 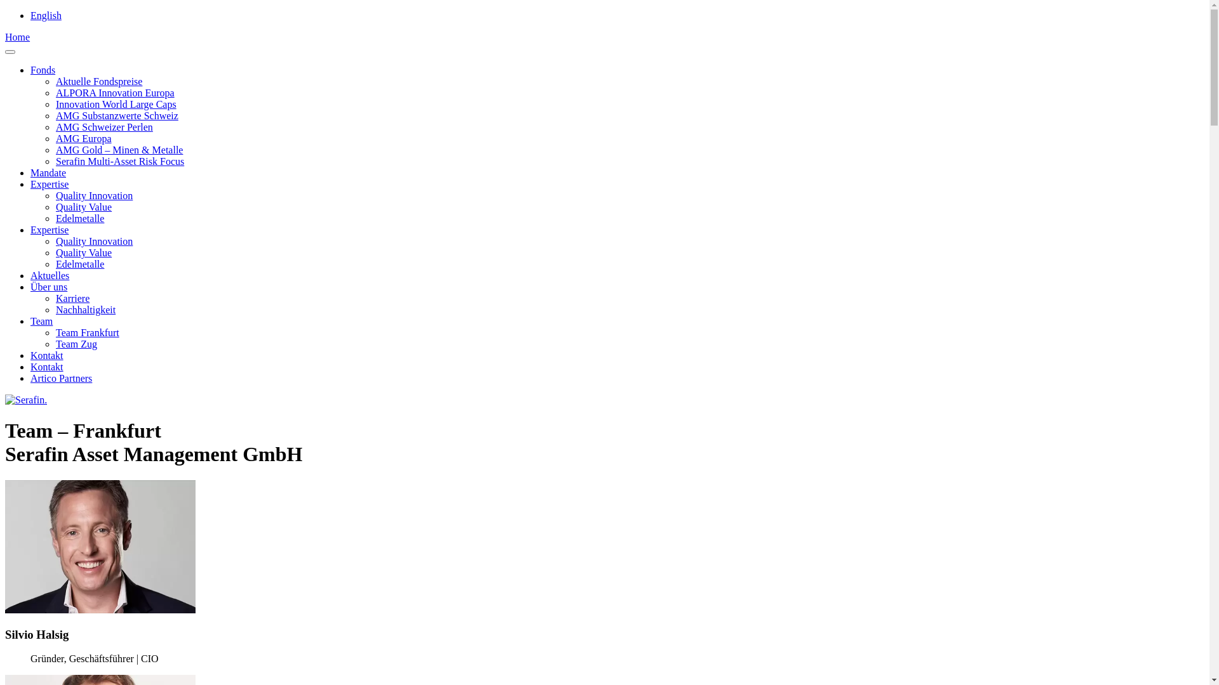 I want to click on 'Mandate', so click(x=48, y=173).